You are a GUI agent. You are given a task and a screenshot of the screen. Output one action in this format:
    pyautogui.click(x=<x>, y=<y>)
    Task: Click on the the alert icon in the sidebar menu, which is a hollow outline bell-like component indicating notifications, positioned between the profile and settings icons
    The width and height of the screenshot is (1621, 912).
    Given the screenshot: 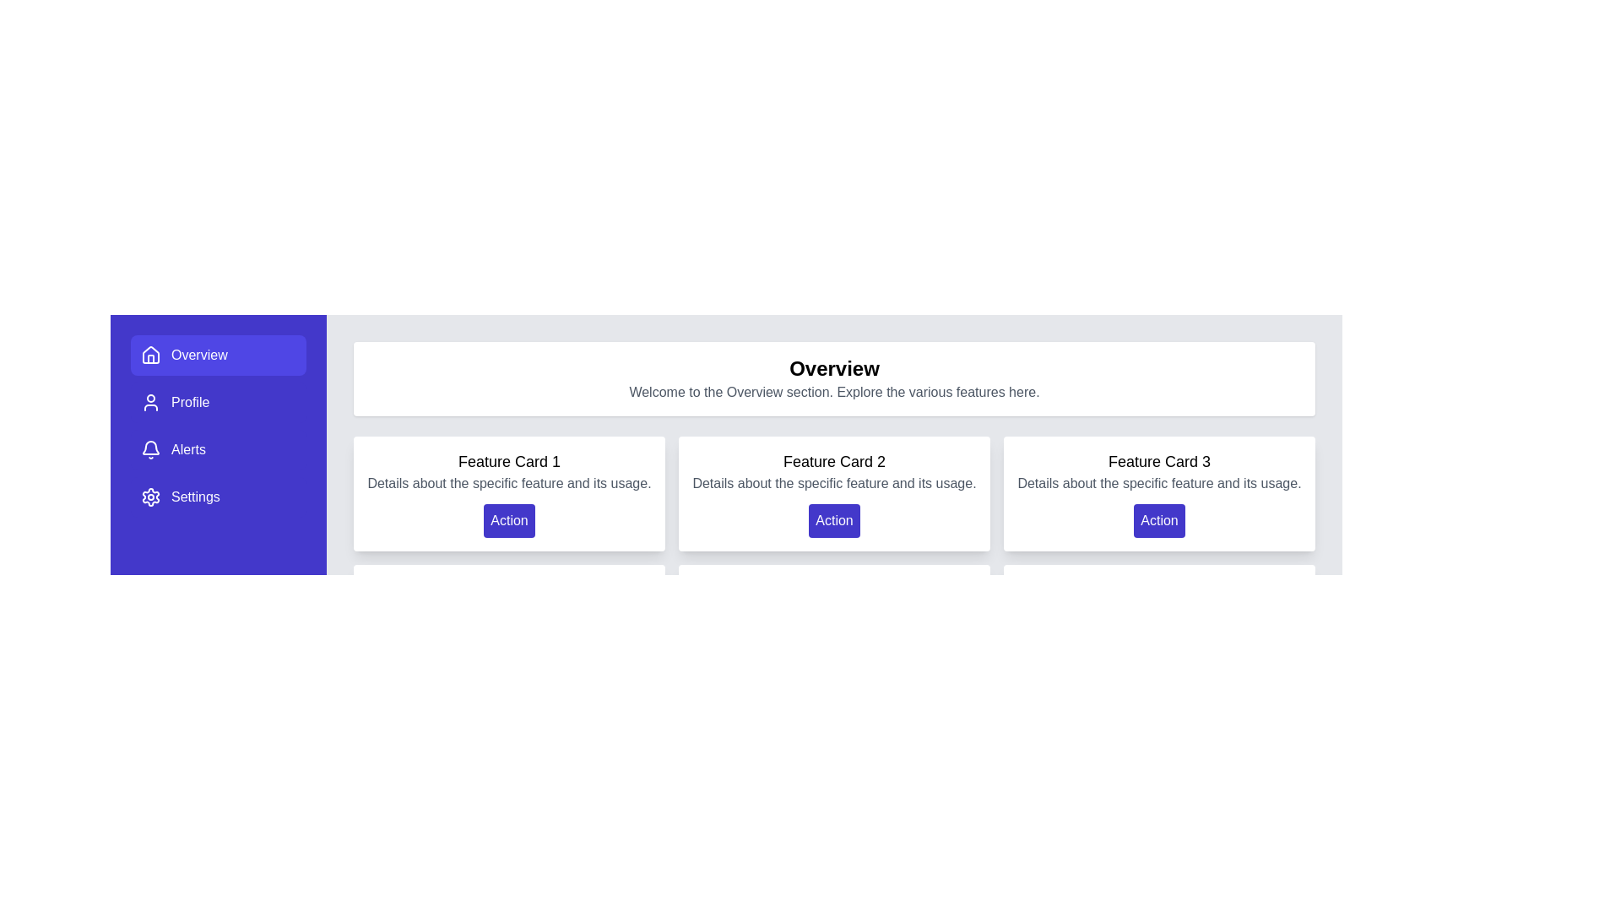 What is the action you would take?
    pyautogui.click(x=150, y=447)
    